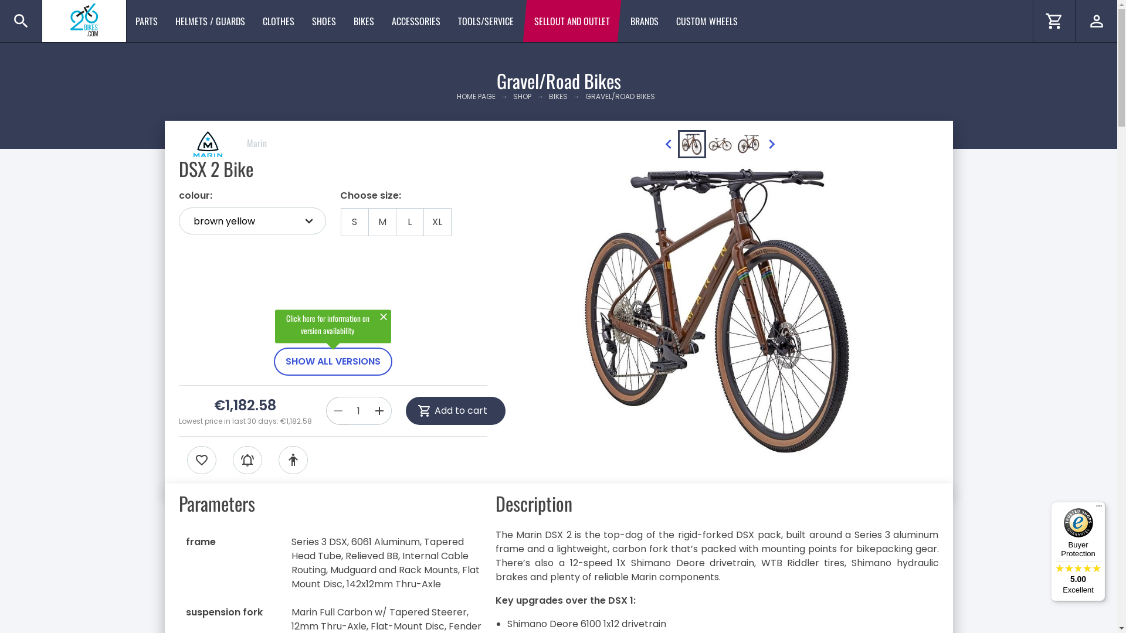 Image resolution: width=1126 pixels, height=633 pixels. Describe the element at coordinates (354, 222) in the screenshot. I see `'S'` at that location.